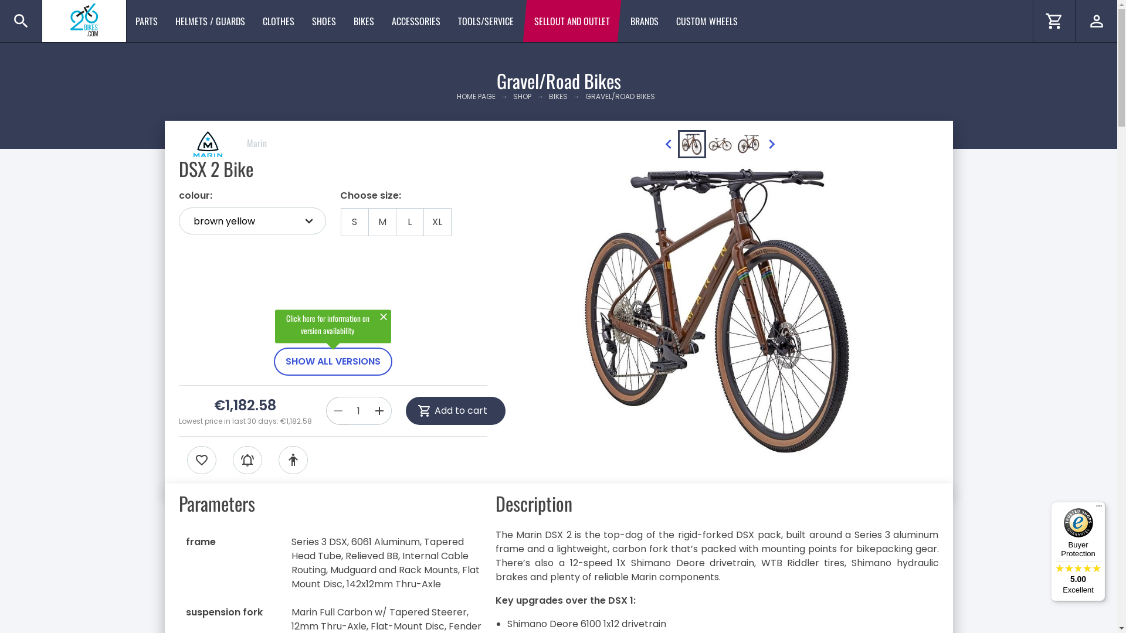 Image resolution: width=1126 pixels, height=633 pixels. Describe the element at coordinates (354, 222) in the screenshot. I see `'S'` at that location.